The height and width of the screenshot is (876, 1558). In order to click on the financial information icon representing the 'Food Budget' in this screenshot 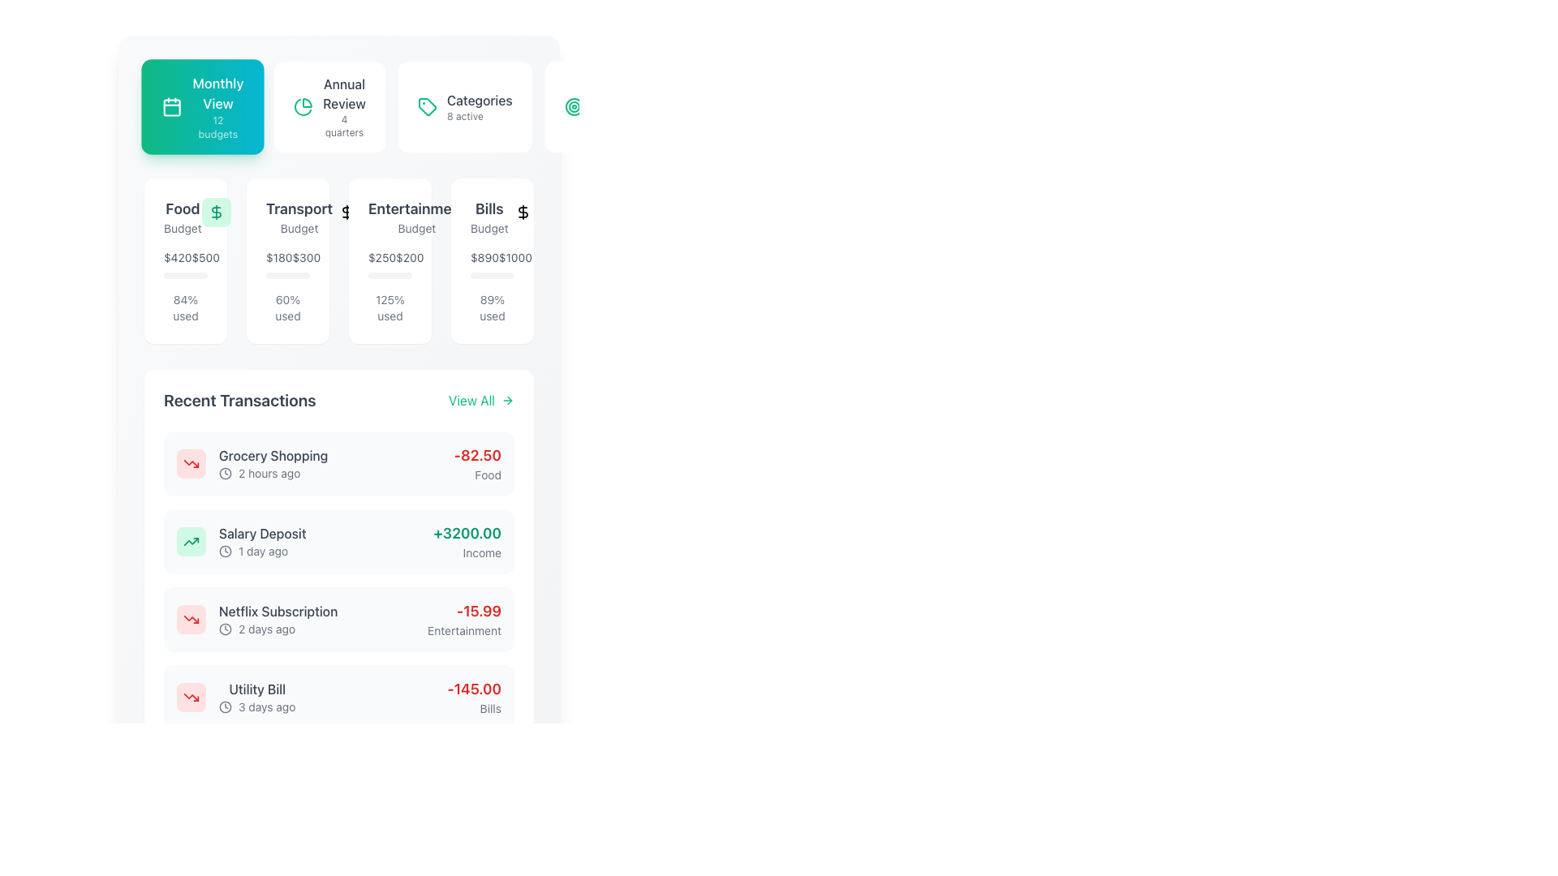, I will do `click(215, 212)`.